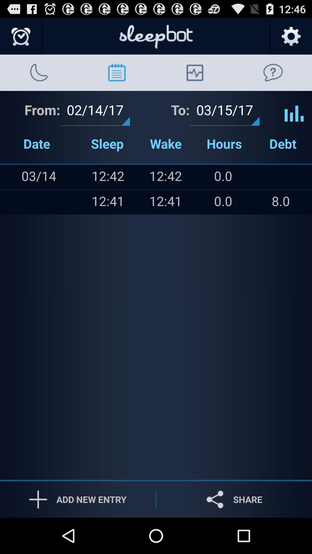 Image resolution: width=312 pixels, height=554 pixels. What do you see at coordinates (281, 177) in the screenshot?
I see `app above the 0.0 icon` at bounding box center [281, 177].